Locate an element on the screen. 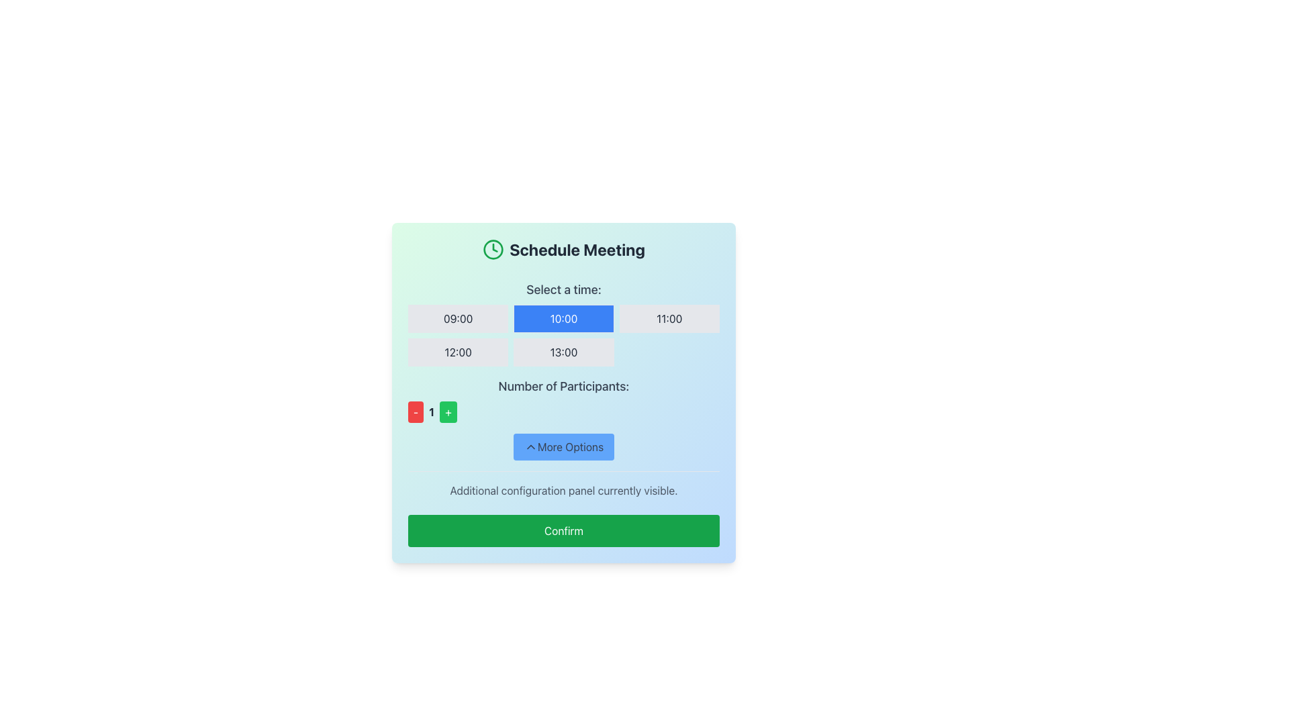 The height and width of the screenshot is (725, 1289). the text label displaying 'Additional configuration panel currently visible.' which is located below the 'More Options' button and above the 'Confirm' button is located at coordinates (564, 491).